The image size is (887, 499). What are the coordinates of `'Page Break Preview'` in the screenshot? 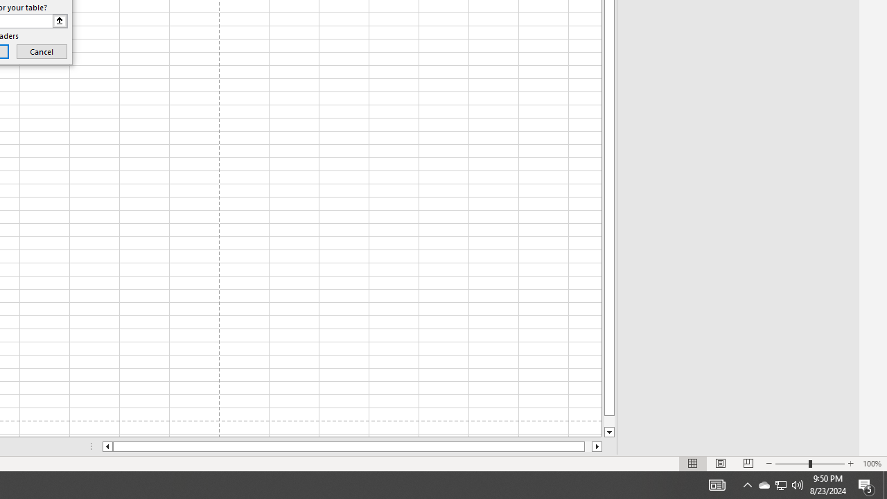 It's located at (747, 464).